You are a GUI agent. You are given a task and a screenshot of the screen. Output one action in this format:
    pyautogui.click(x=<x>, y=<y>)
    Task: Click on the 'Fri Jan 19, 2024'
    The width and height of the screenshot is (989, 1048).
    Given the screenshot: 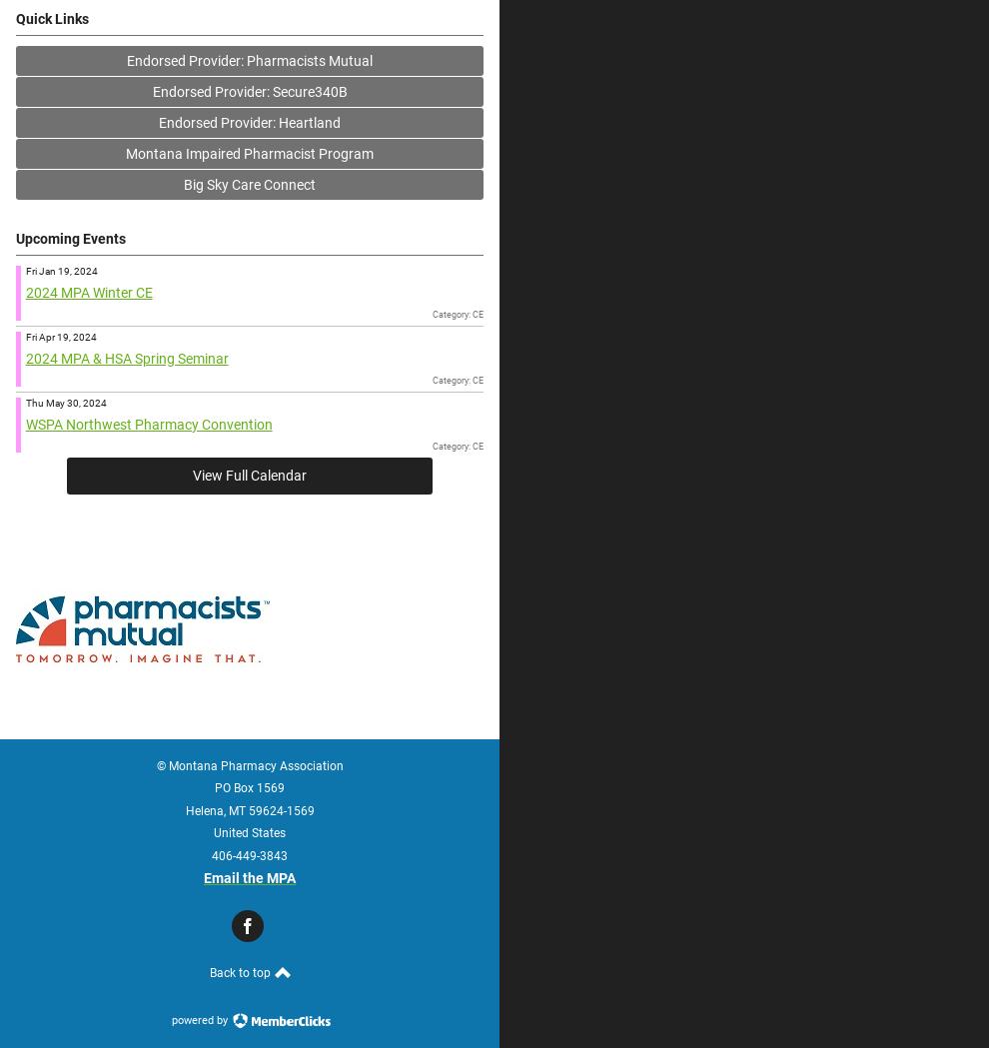 What is the action you would take?
    pyautogui.click(x=60, y=269)
    